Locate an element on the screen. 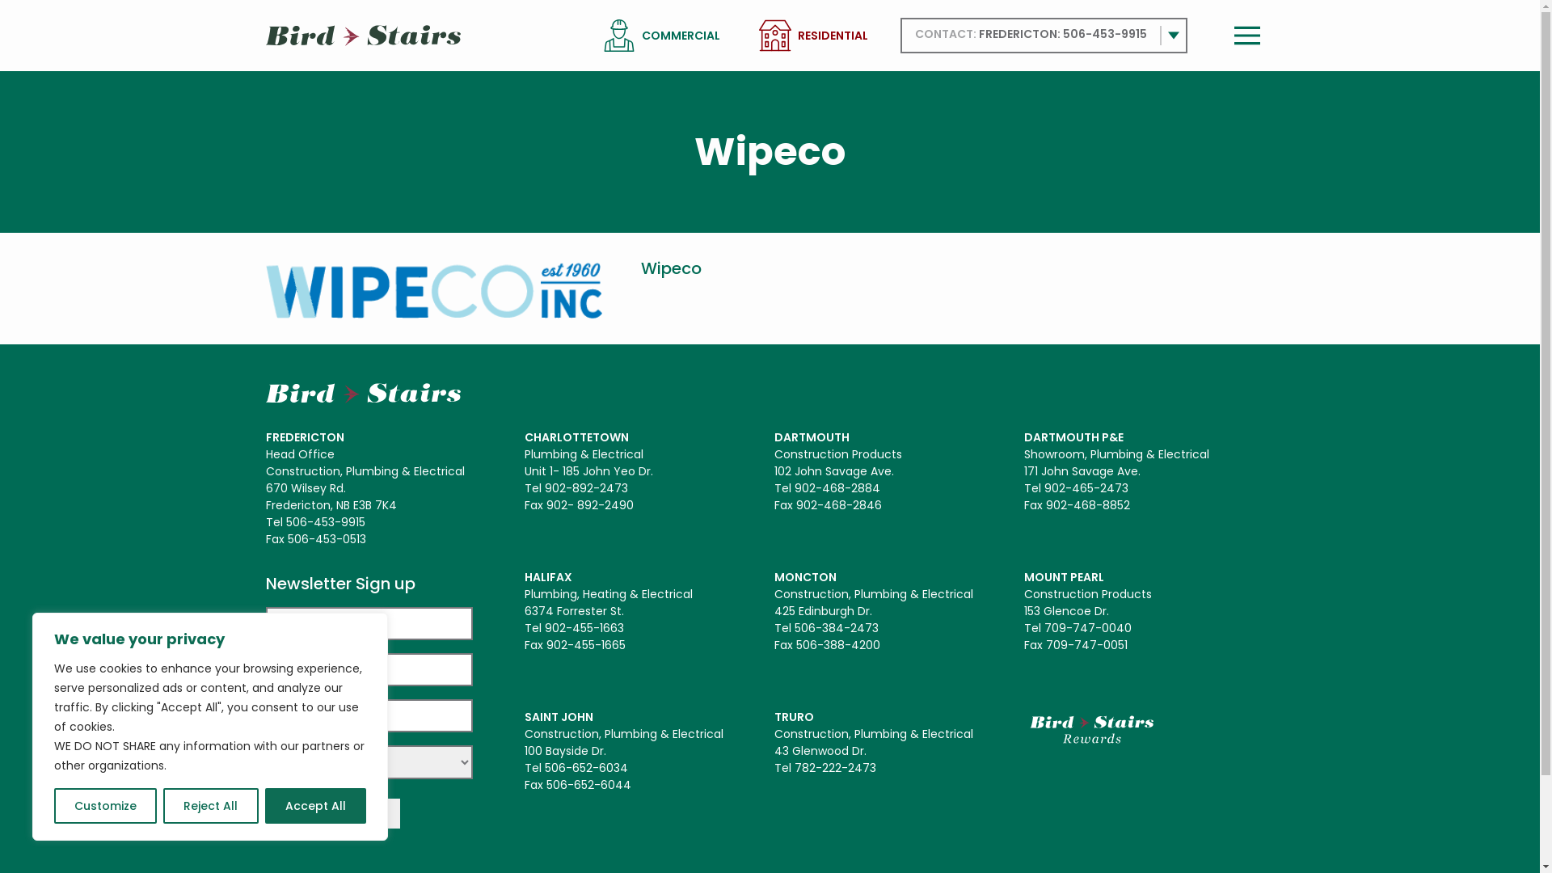  'CHARLOTTETOWN' is located at coordinates (576, 436).